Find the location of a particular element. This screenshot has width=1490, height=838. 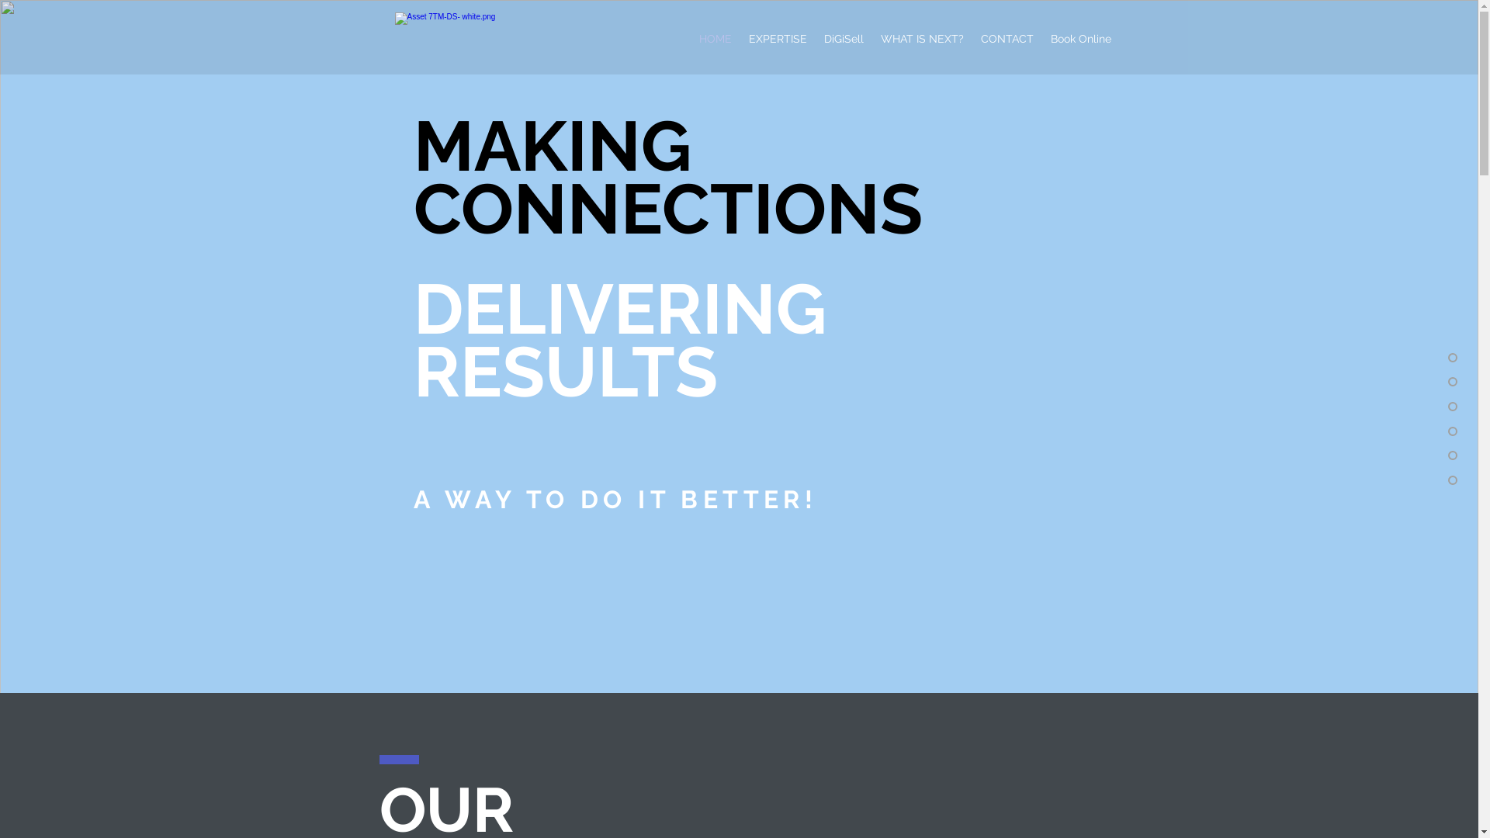

'DiGiSell' is located at coordinates (842, 38).